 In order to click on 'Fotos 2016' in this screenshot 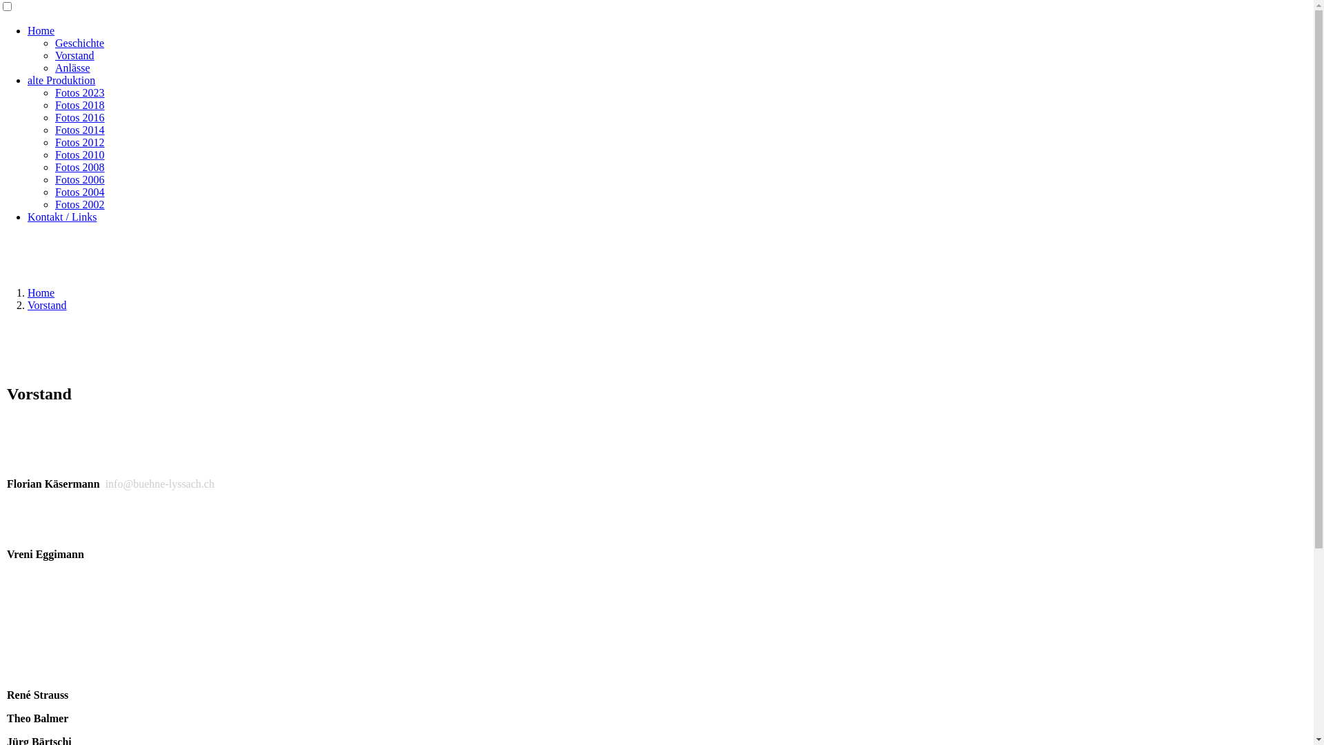, I will do `click(55, 117)`.